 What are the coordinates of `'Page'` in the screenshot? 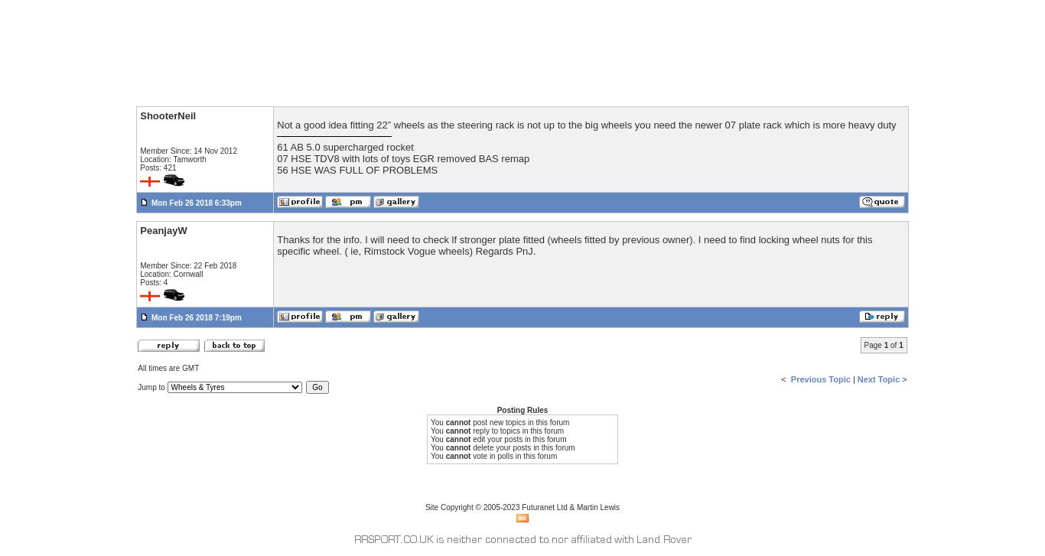 It's located at (873, 344).